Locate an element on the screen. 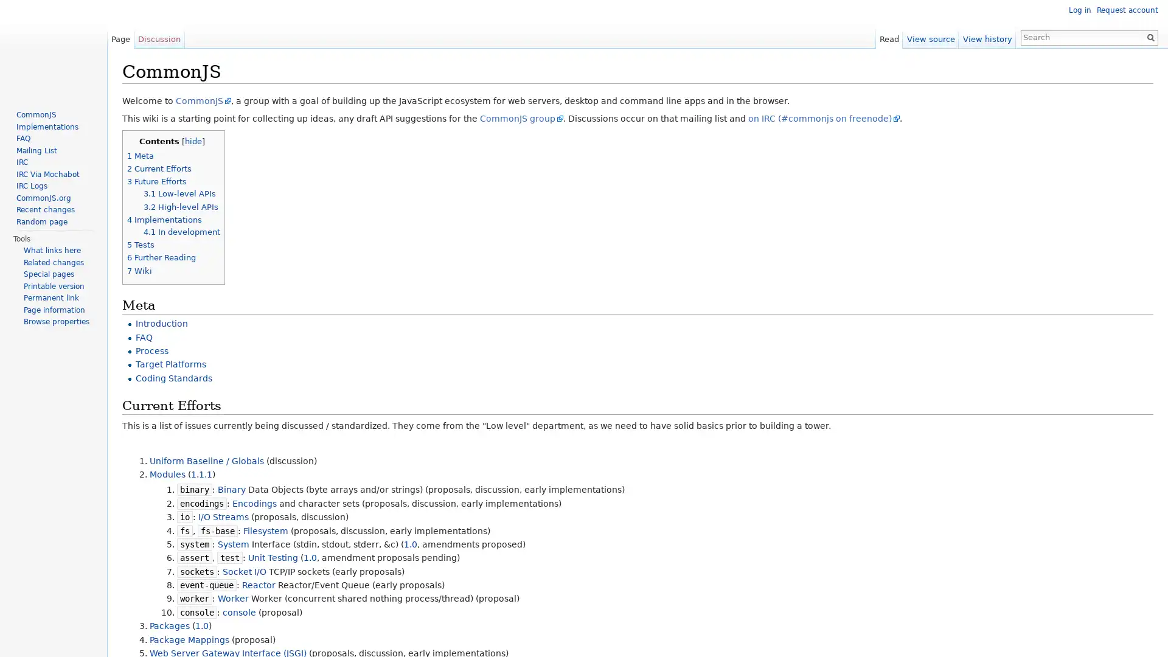 The image size is (1168, 657). Search is located at coordinates (1150, 36).